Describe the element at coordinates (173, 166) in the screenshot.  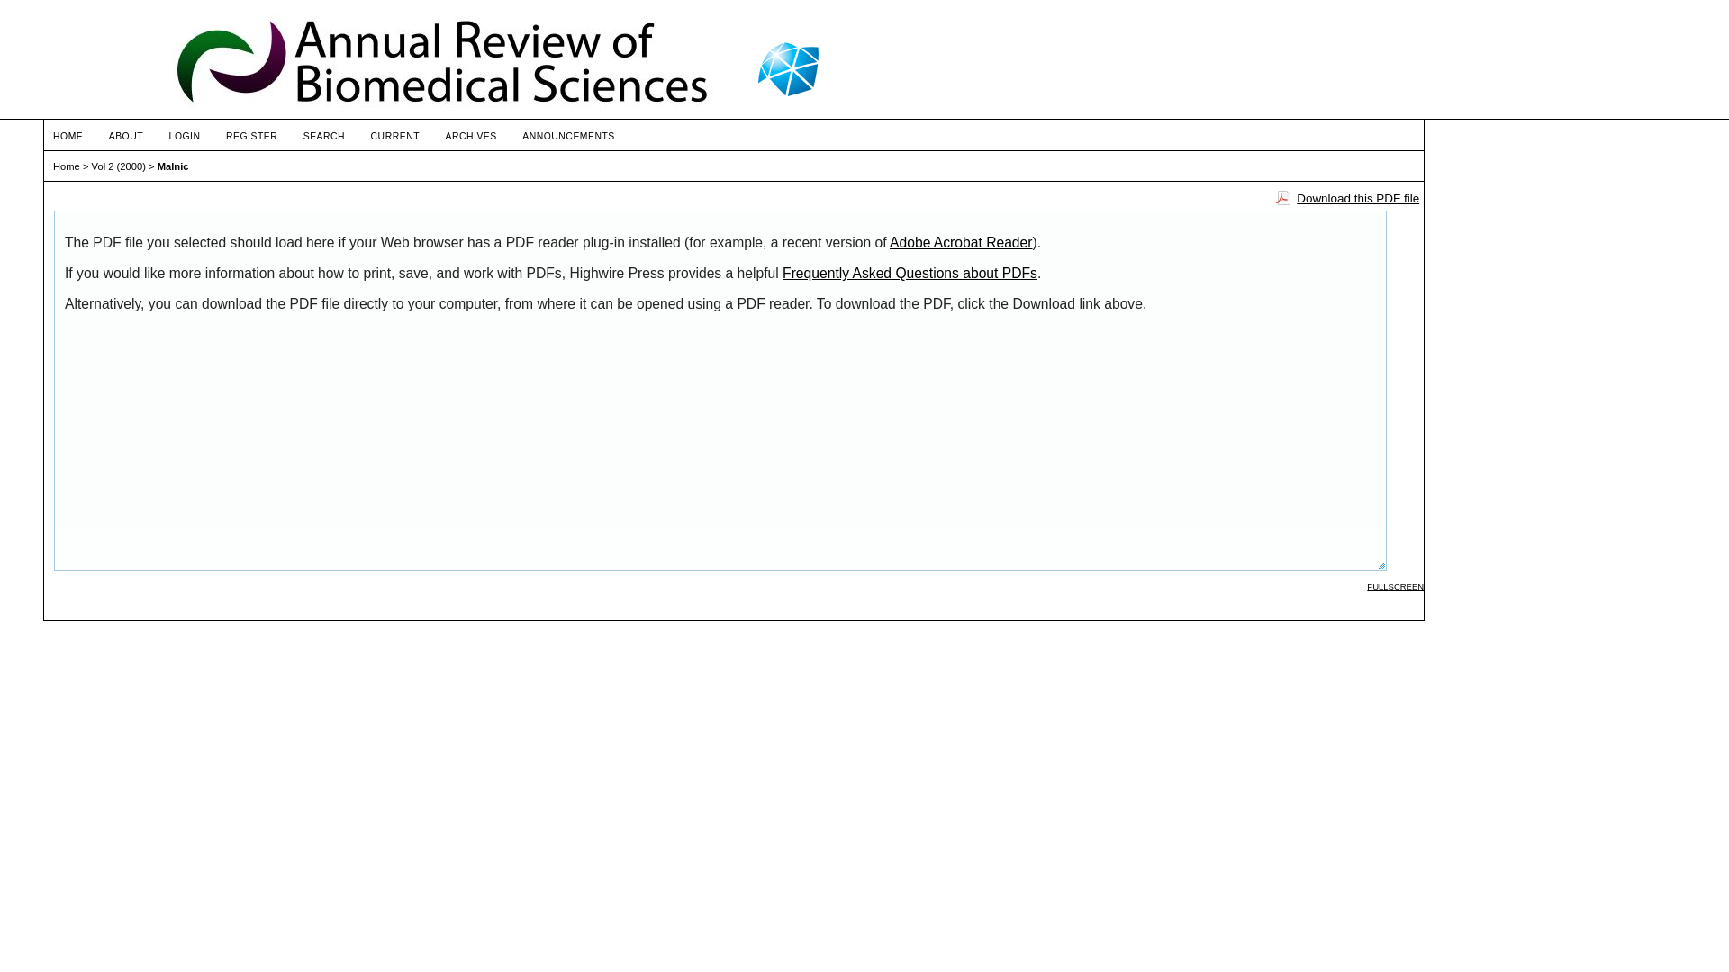
I see `'Malnic'` at that location.